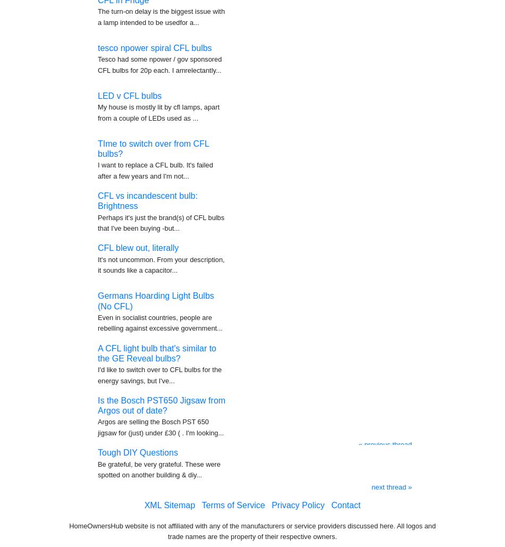 The width and height of the screenshot is (505, 547). I want to click on 'Germans Hoarding Light Bulbs (No CFL)', so click(155, 295).